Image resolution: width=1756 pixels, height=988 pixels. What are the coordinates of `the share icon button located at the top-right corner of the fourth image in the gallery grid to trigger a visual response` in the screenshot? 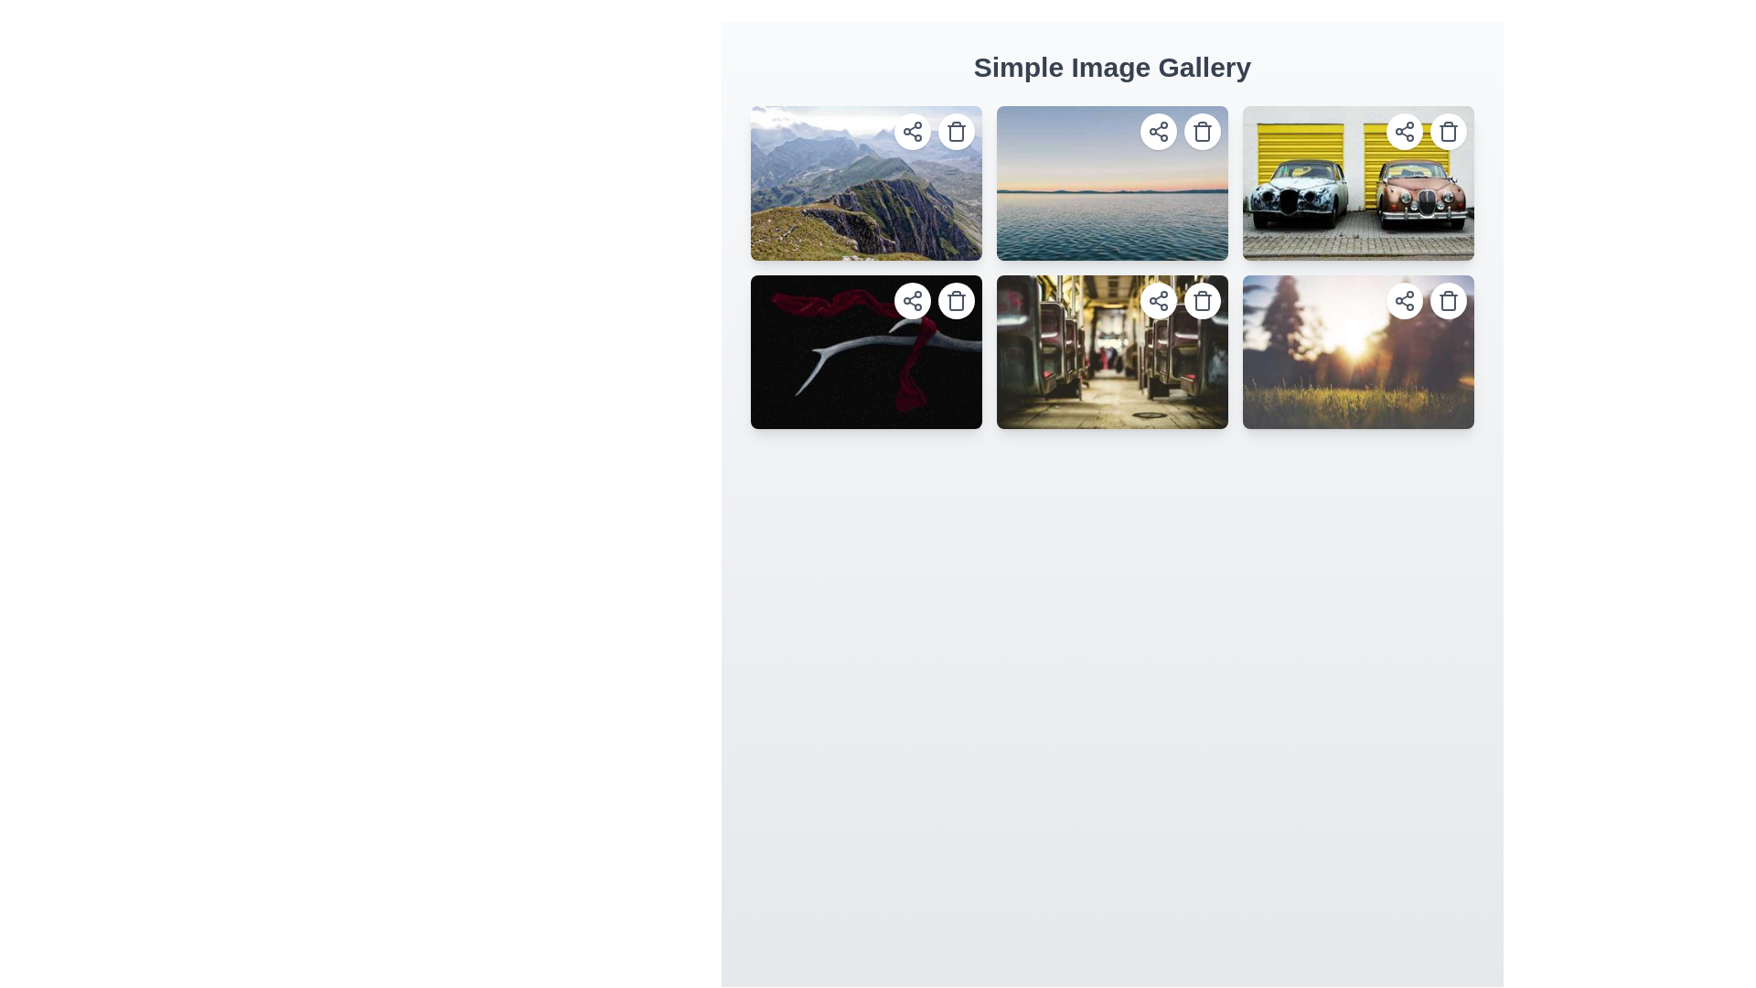 It's located at (1404, 130).